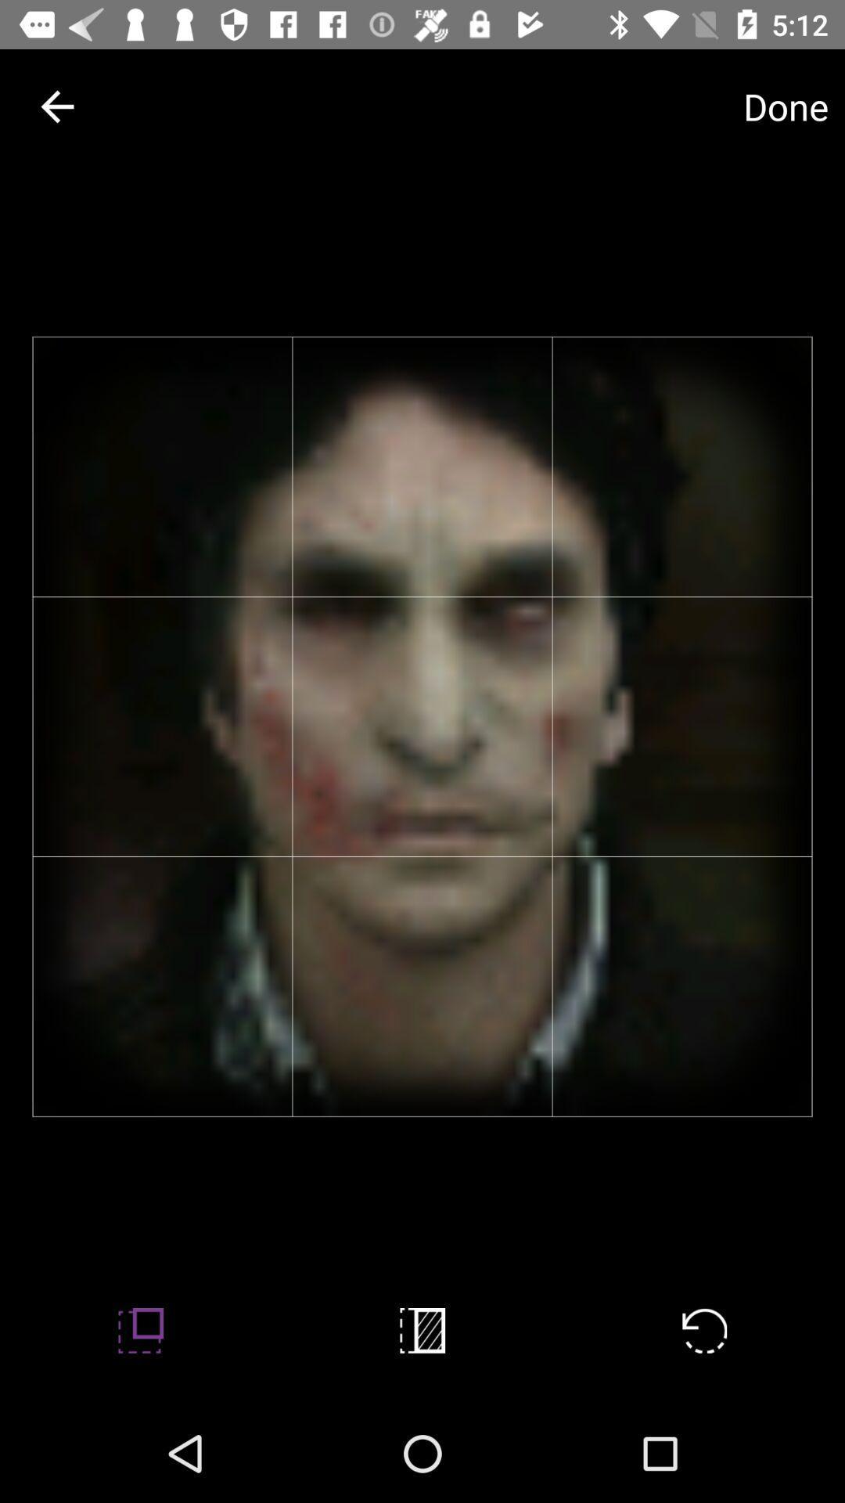  I want to click on crop in horizontal part, so click(422, 1329).